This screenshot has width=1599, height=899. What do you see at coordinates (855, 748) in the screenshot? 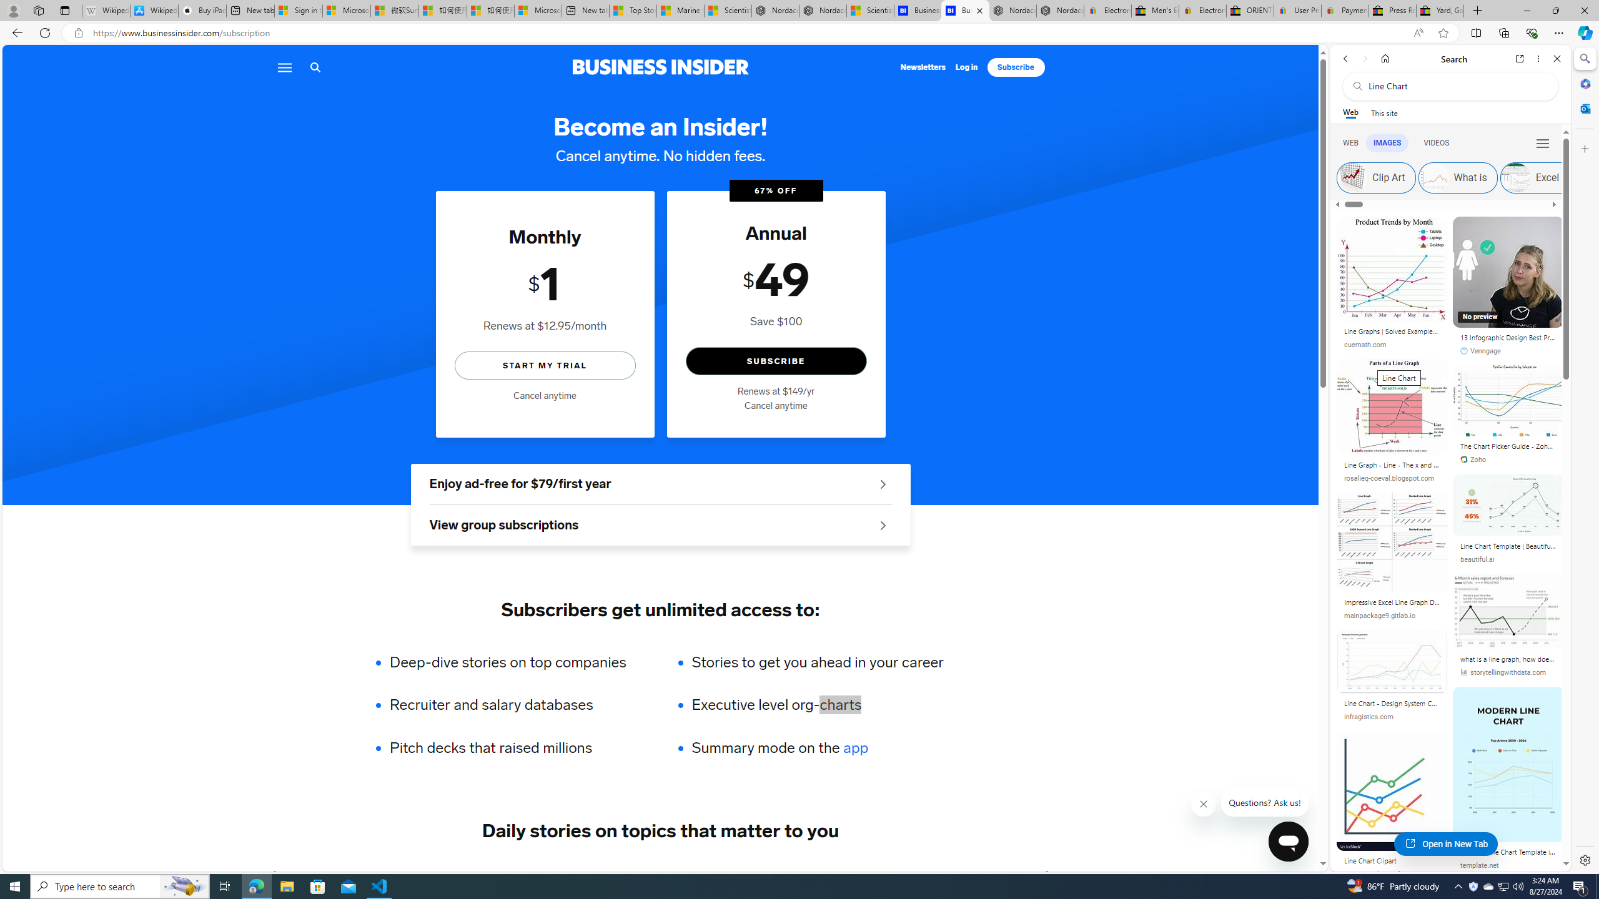
I see `'app'` at bounding box center [855, 748].